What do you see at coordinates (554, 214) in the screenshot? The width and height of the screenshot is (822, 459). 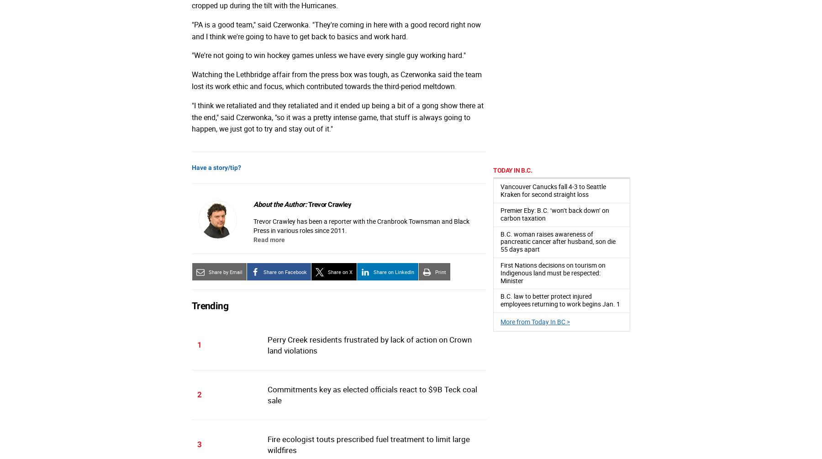 I see `'Premier Eby: B.C. ‘won’t back down’ on carbon taxation'` at bounding box center [554, 214].